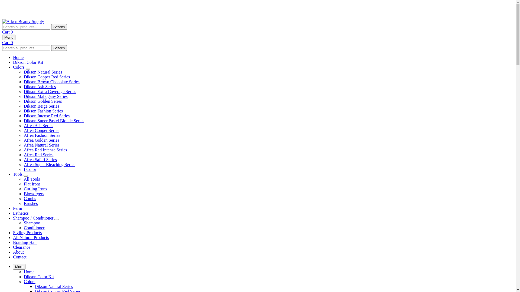 The height and width of the screenshot is (292, 520). Describe the element at coordinates (22, 247) in the screenshot. I see `'Clearance'` at that location.